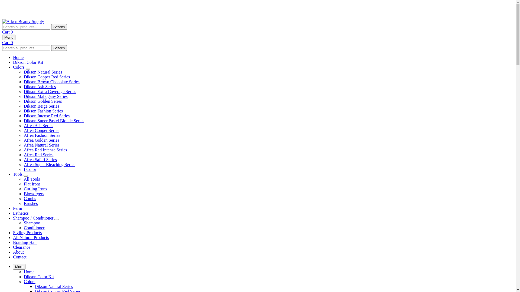 The height and width of the screenshot is (292, 520). Describe the element at coordinates (22, 247) in the screenshot. I see `'Clearance'` at that location.